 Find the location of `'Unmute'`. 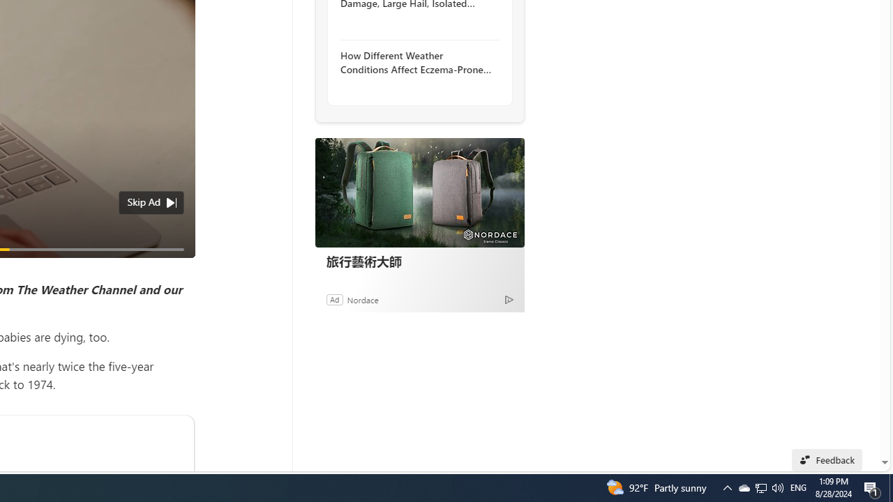

'Unmute' is located at coordinates (176, 266).